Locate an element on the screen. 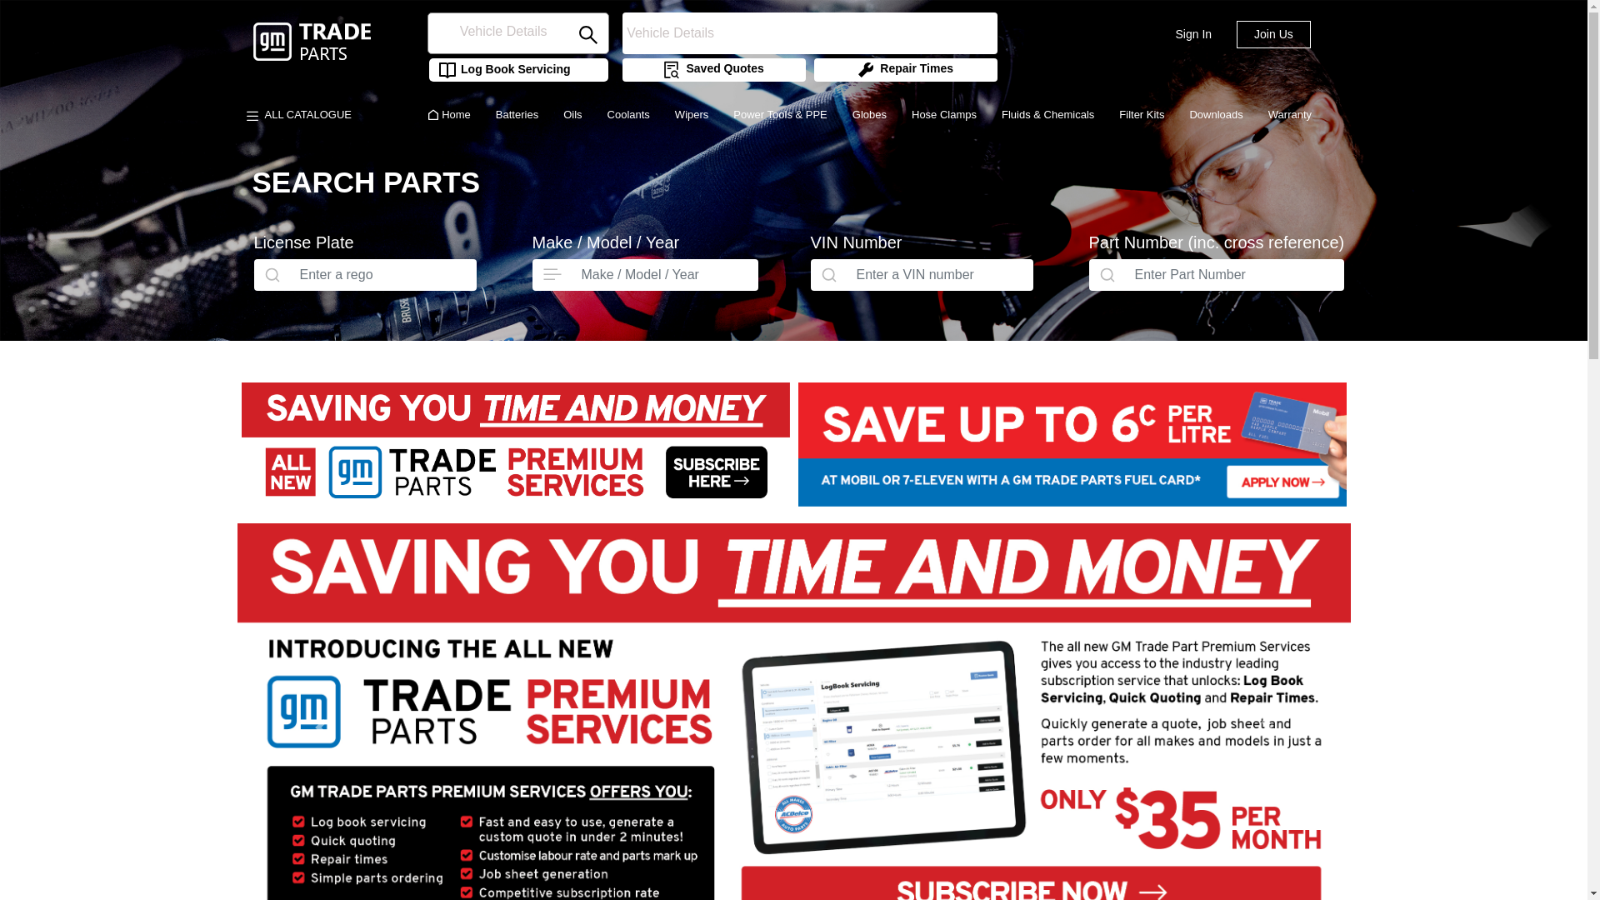 Image resolution: width=1600 pixels, height=900 pixels. 'Log Book Servicing' is located at coordinates (498, 69).